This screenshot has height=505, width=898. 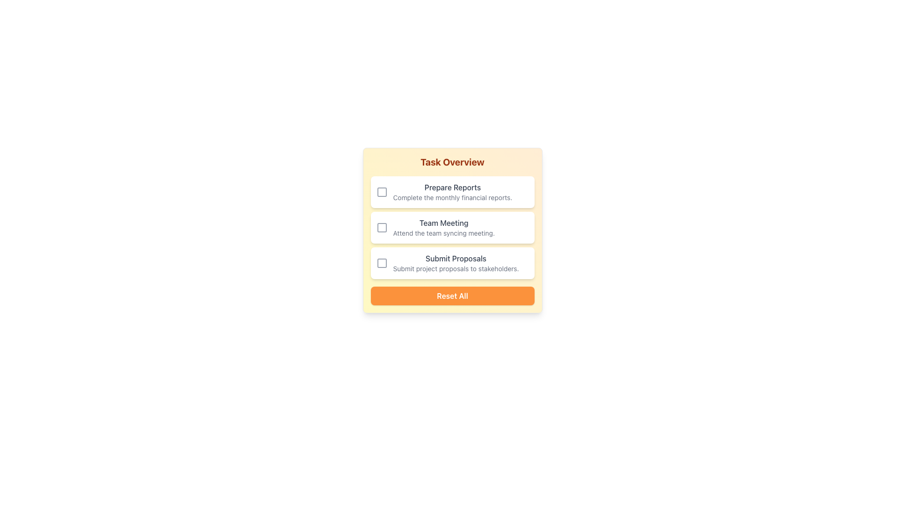 What do you see at coordinates (456, 268) in the screenshot?
I see `the descriptive text label located under the main title 'Submit Proposals' in the vertical list of tasks` at bounding box center [456, 268].